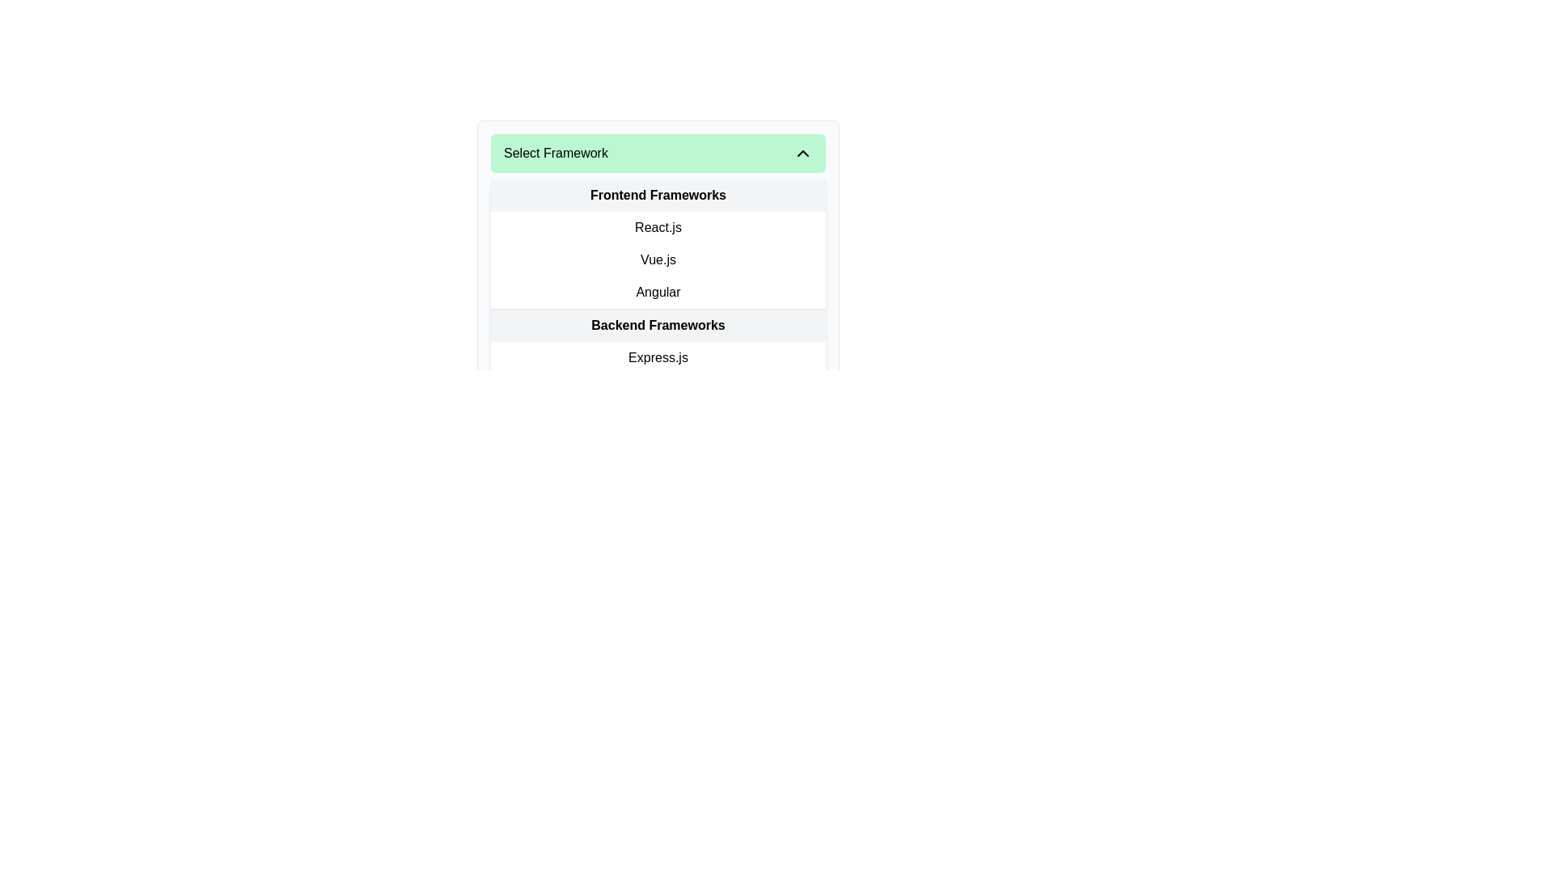  I want to click on the second item in the vertical list of selectable options for 'Vue.js' under the 'Frontend Frameworks' heading, so click(658, 259).